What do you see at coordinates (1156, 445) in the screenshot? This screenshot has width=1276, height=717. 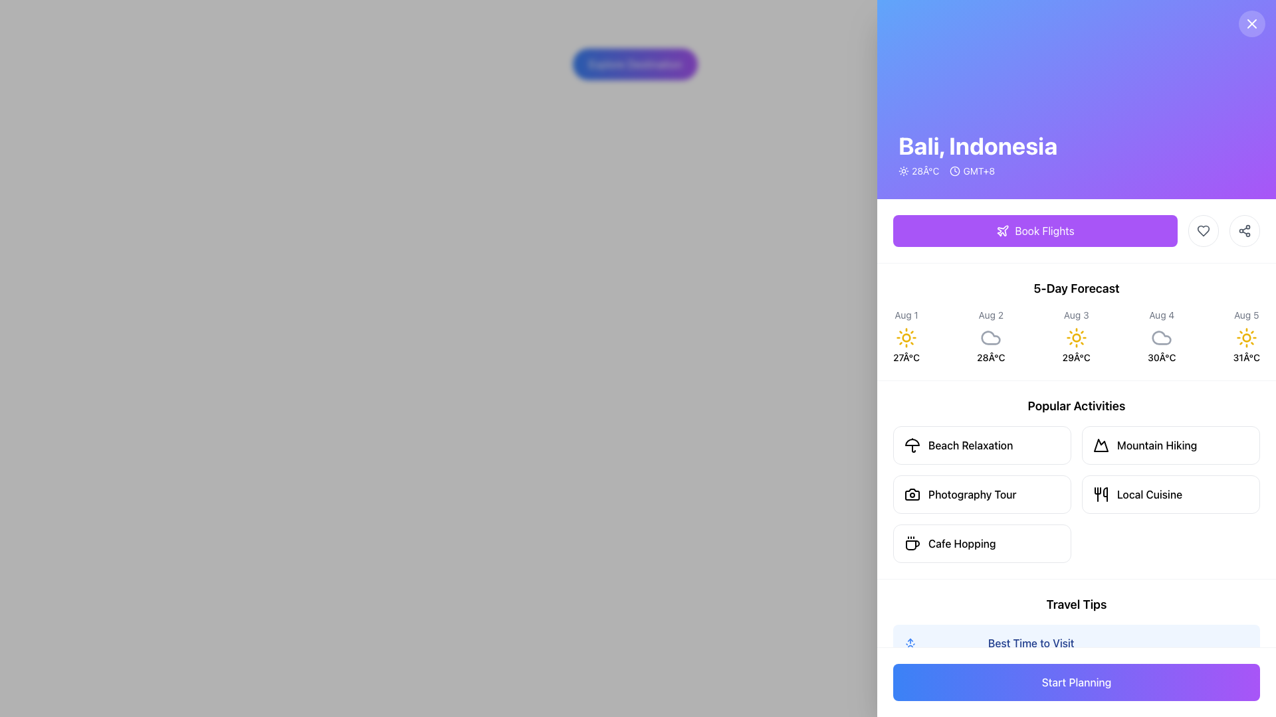 I see `the text label for 'Mountain Hiking' located in the bottom-right of the 'Popular Activities' section, which is under the '5-Day Forecast' and above 'Travel Tips'` at bounding box center [1156, 445].